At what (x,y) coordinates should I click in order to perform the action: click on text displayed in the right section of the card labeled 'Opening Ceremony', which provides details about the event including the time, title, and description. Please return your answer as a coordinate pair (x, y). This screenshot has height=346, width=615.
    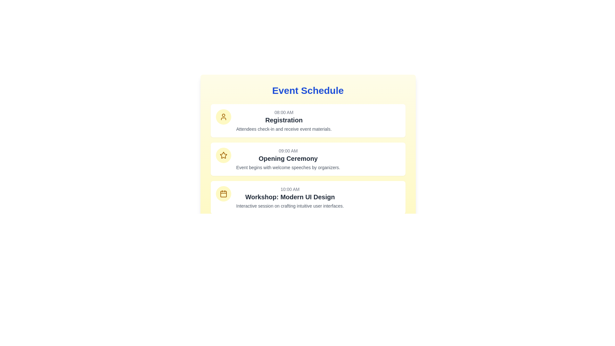
    Looking at the image, I should click on (288, 159).